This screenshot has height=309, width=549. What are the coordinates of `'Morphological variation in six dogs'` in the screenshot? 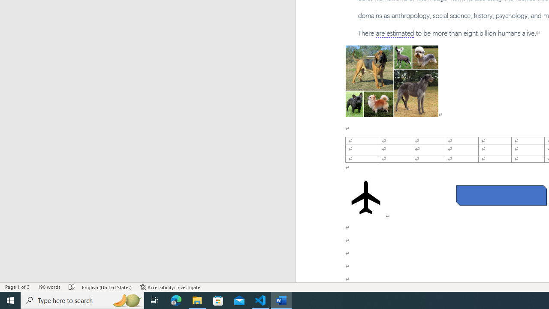 It's located at (391, 81).